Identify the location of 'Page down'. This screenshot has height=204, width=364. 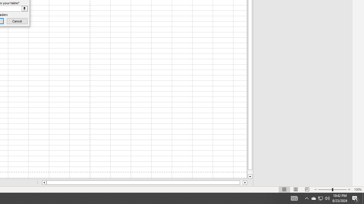
(250, 172).